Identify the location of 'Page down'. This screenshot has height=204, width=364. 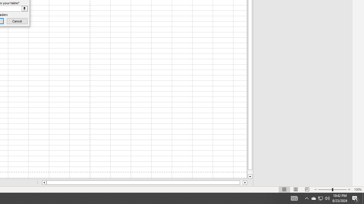
(250, 172).